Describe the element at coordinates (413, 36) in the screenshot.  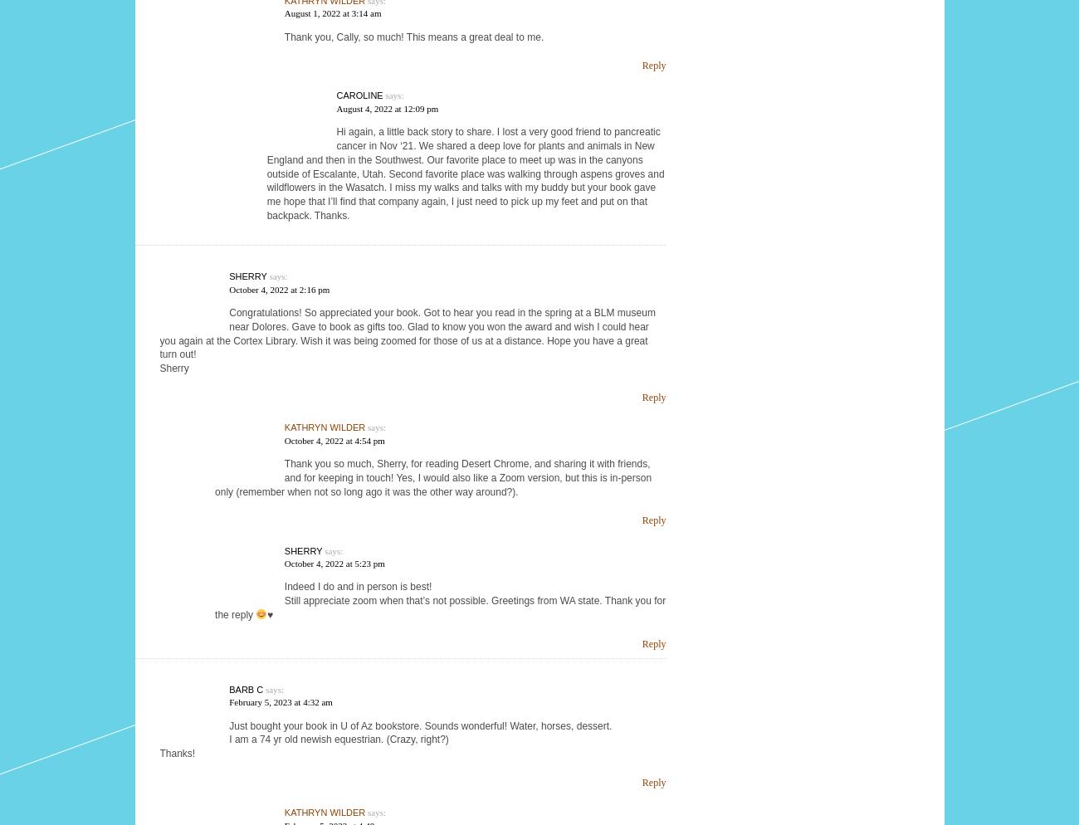
I see `'Thank you, Cally, so much! This means a great deal to me.'` at that location.